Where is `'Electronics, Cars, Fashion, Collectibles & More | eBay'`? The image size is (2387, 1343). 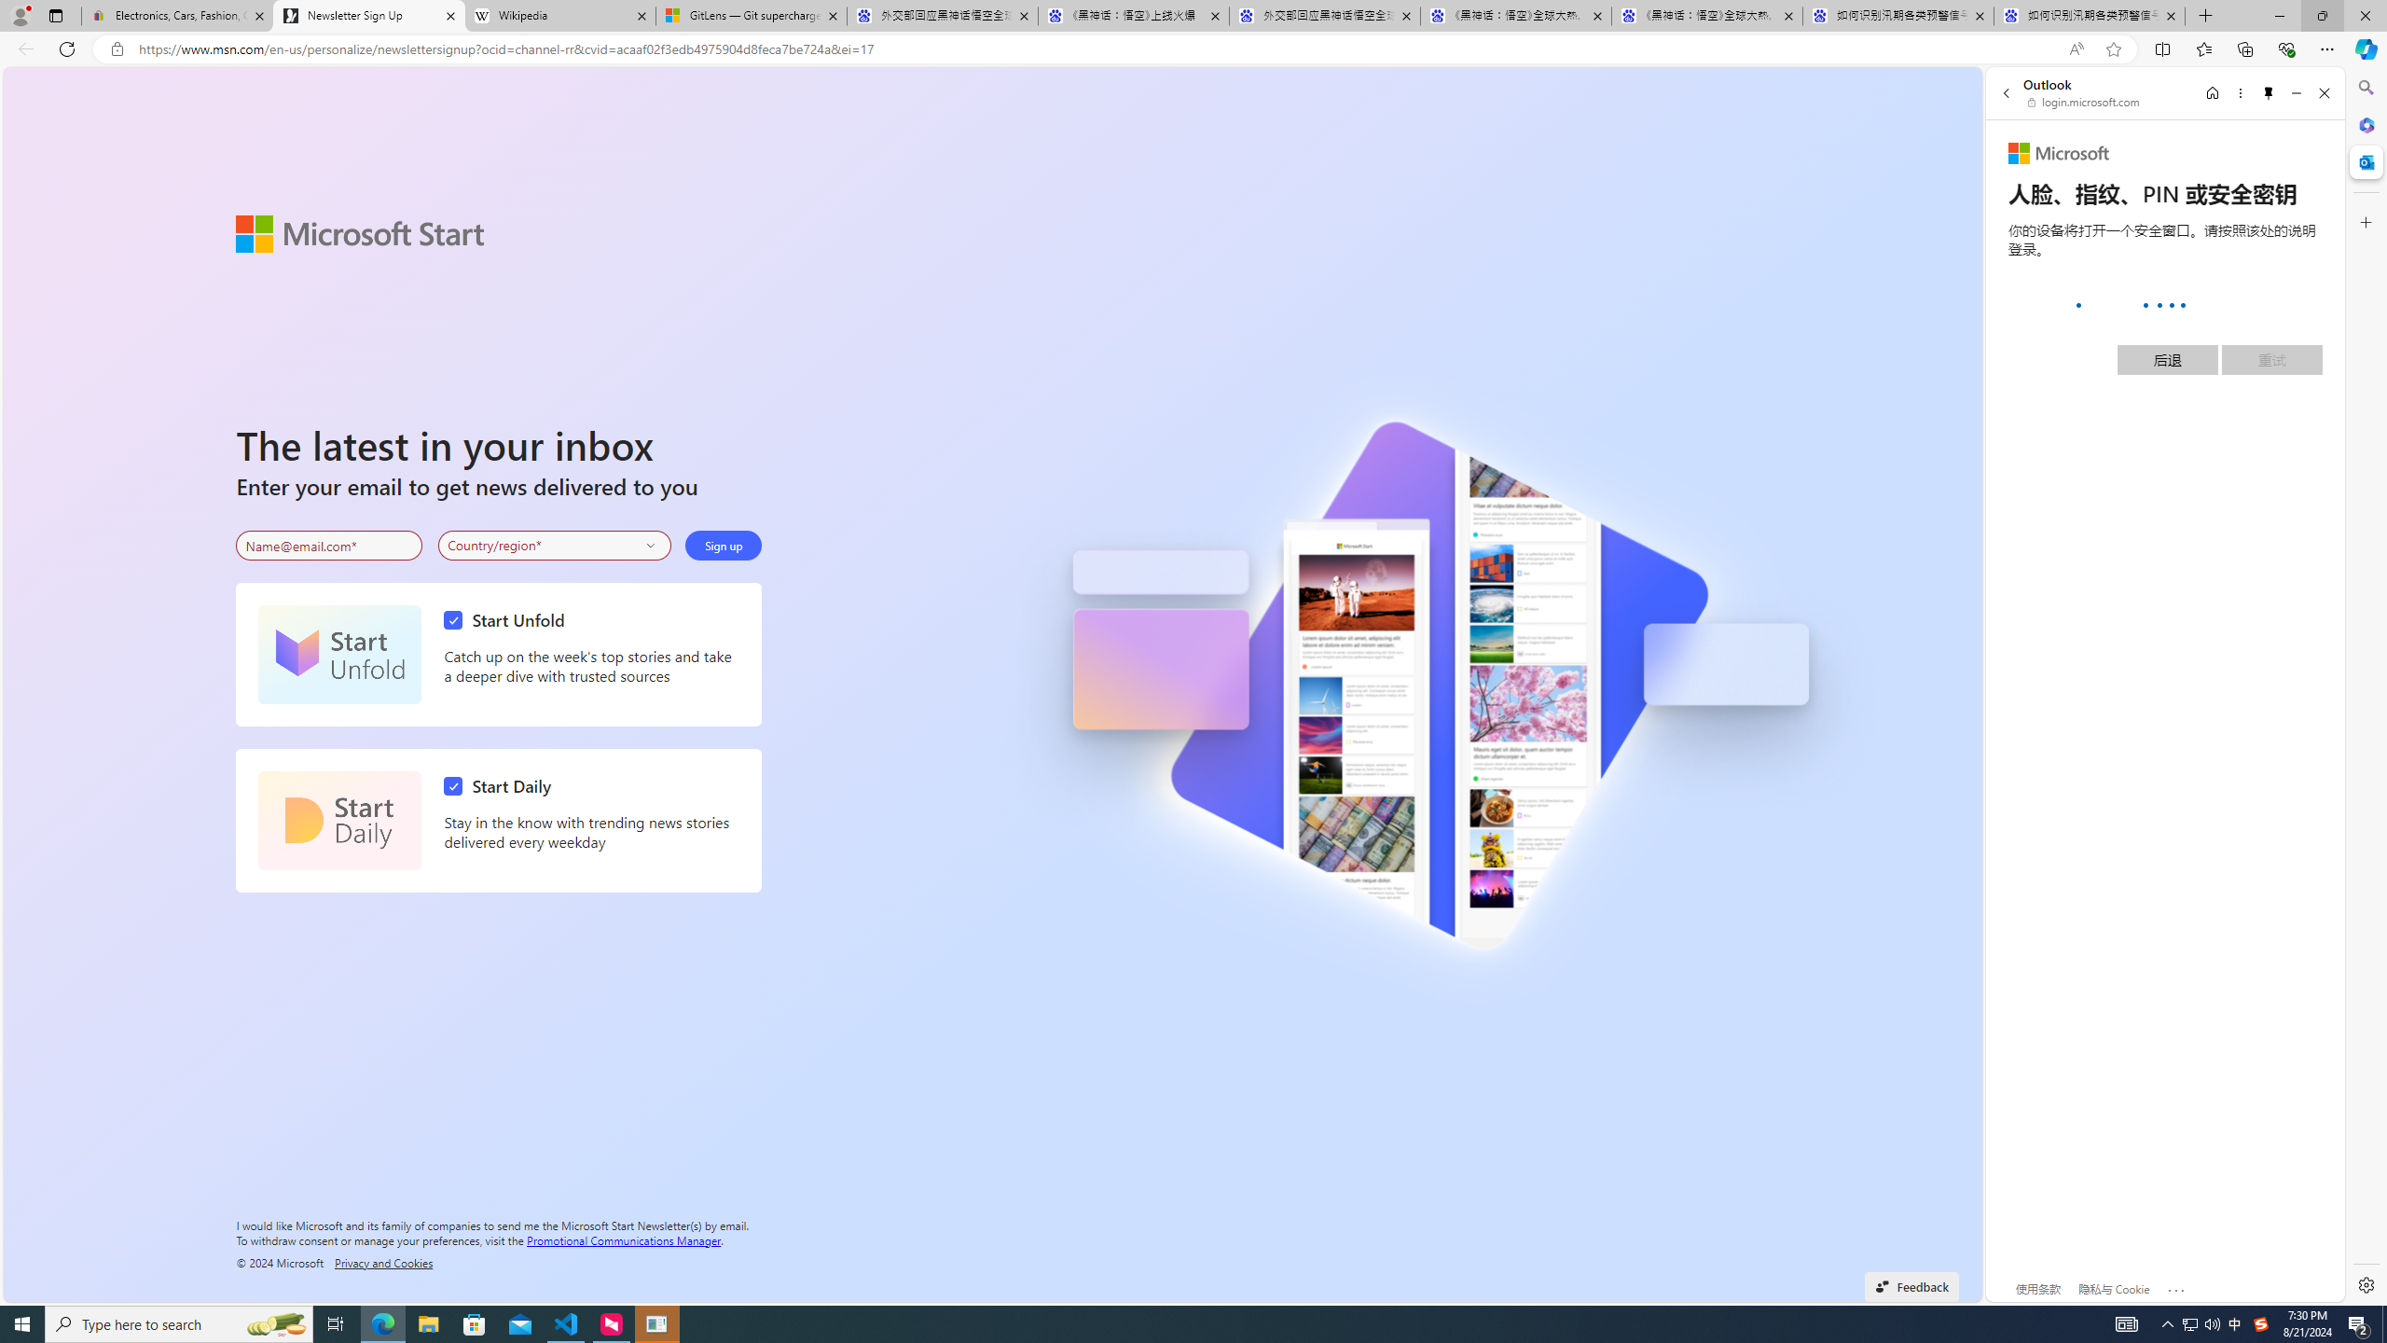 'Electronics, Cars, Fashion, Collectibles & More | eBay' is located at coordinates (176, 15).